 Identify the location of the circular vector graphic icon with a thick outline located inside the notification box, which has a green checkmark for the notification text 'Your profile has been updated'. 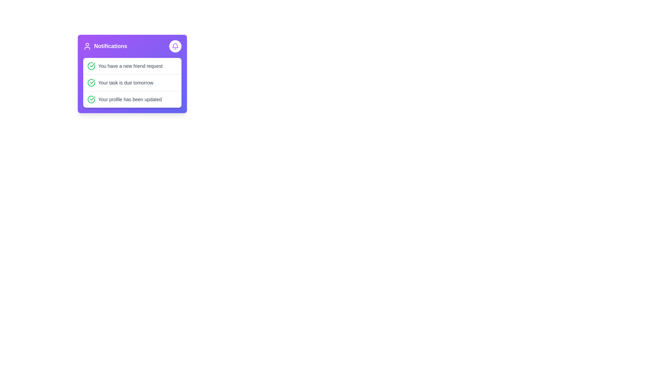
(91, 99).